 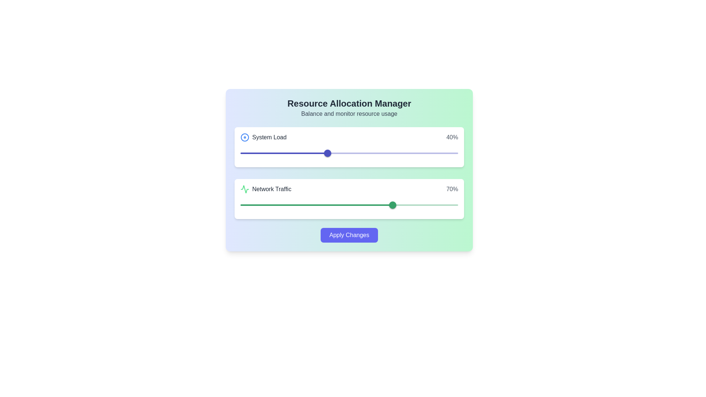 What do you see at coordinates (347, 205) in the screenshot?
I see `network traffic` at bounding box center [347, 205].